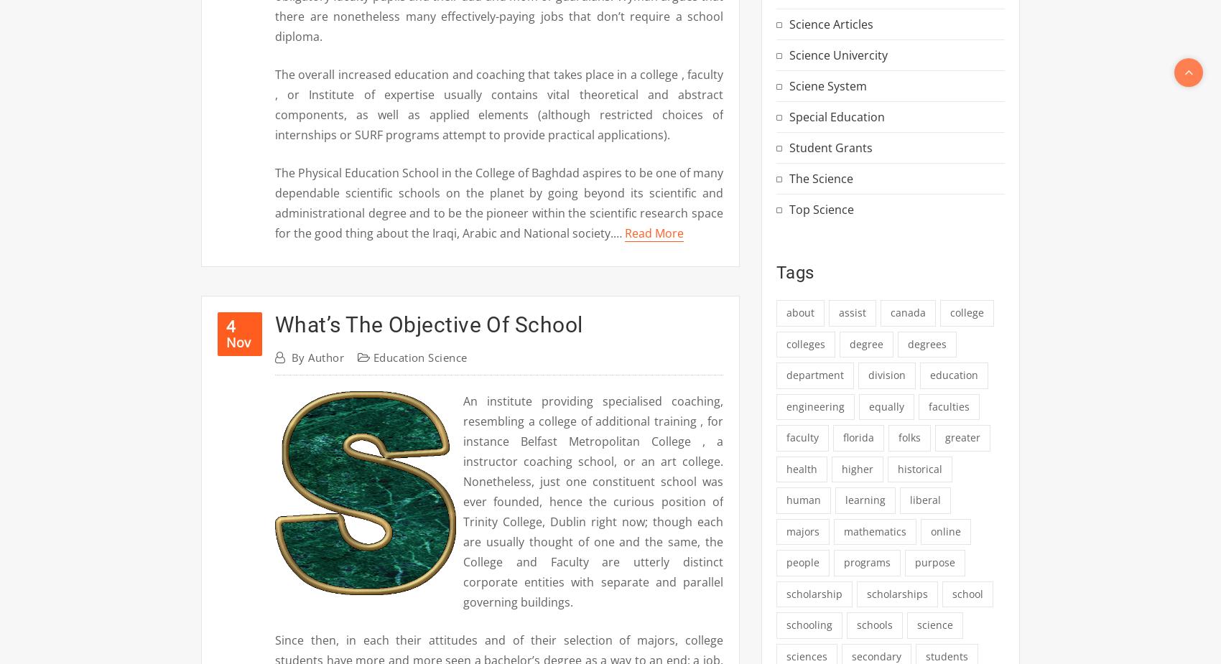 This screenshot has width=1221, height=664. Describe the element at coordinates (876, 655) in the screenshot. I see `'secondary'` at that location.